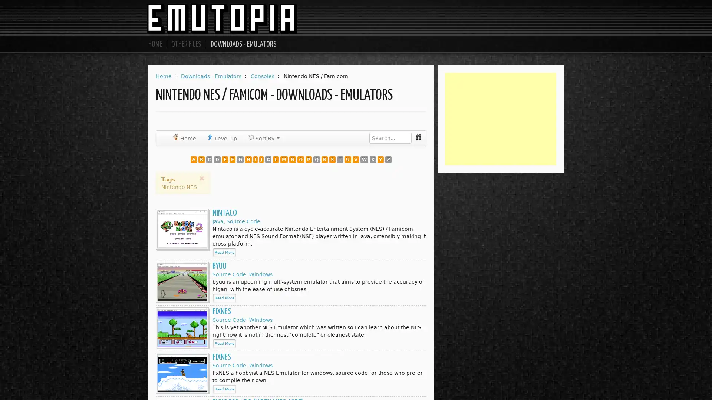 The width and height of the screenshot is (712, 400). What do you see at coordinates (326, 159) in the screenshot?
I see `Apply Apply` at bounding box center [326, 159].